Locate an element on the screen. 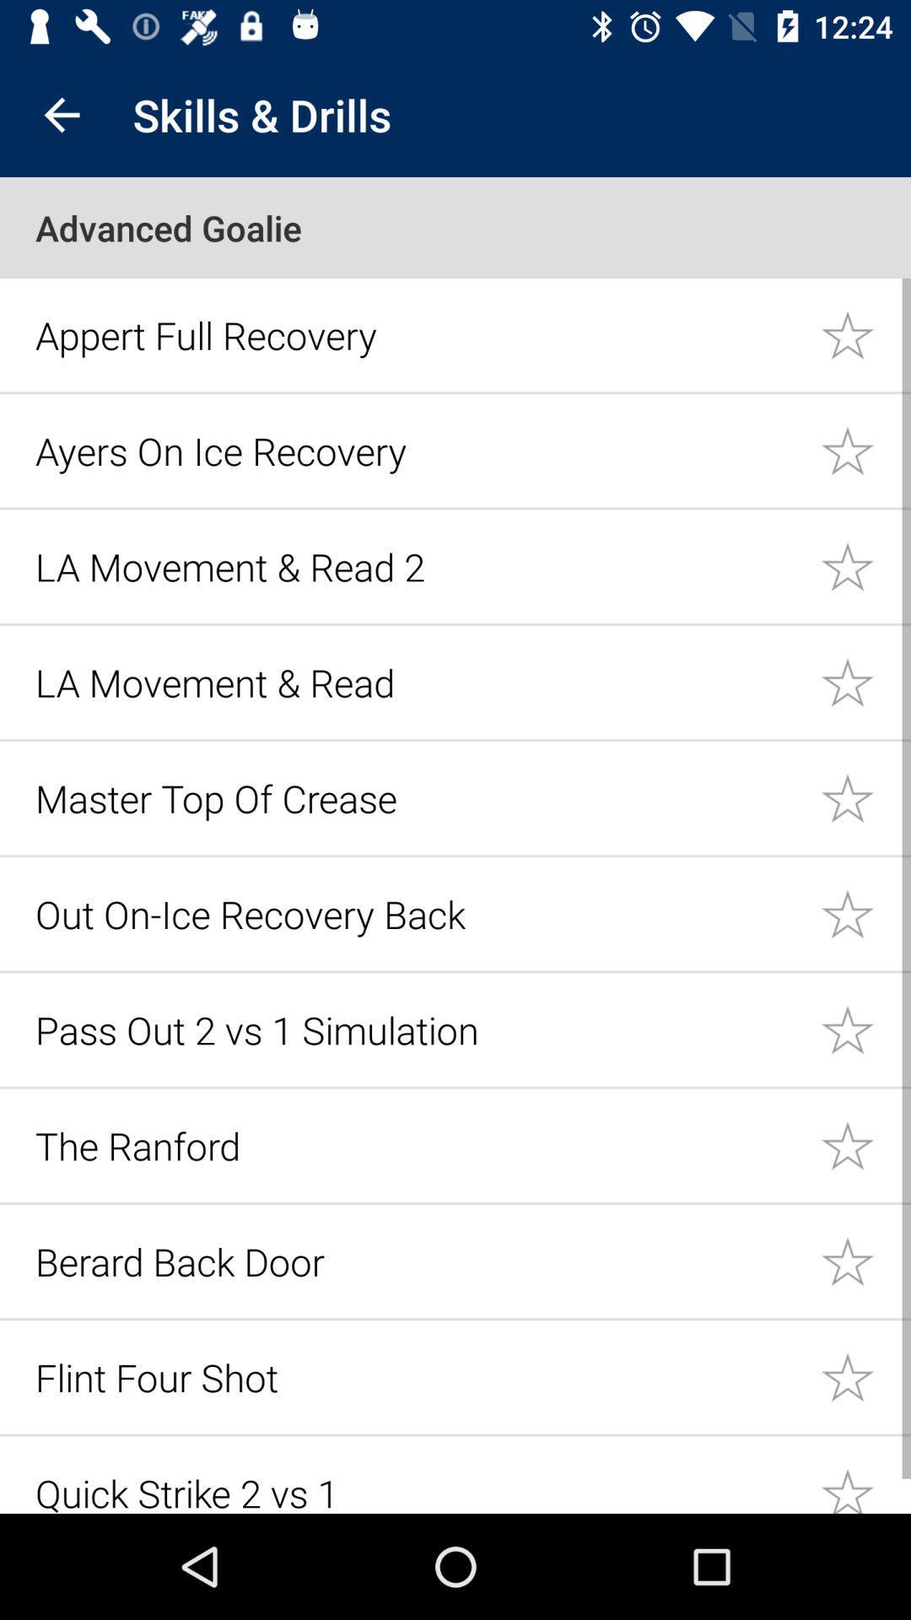  bookmark drill is located at coordinates (865, 334).